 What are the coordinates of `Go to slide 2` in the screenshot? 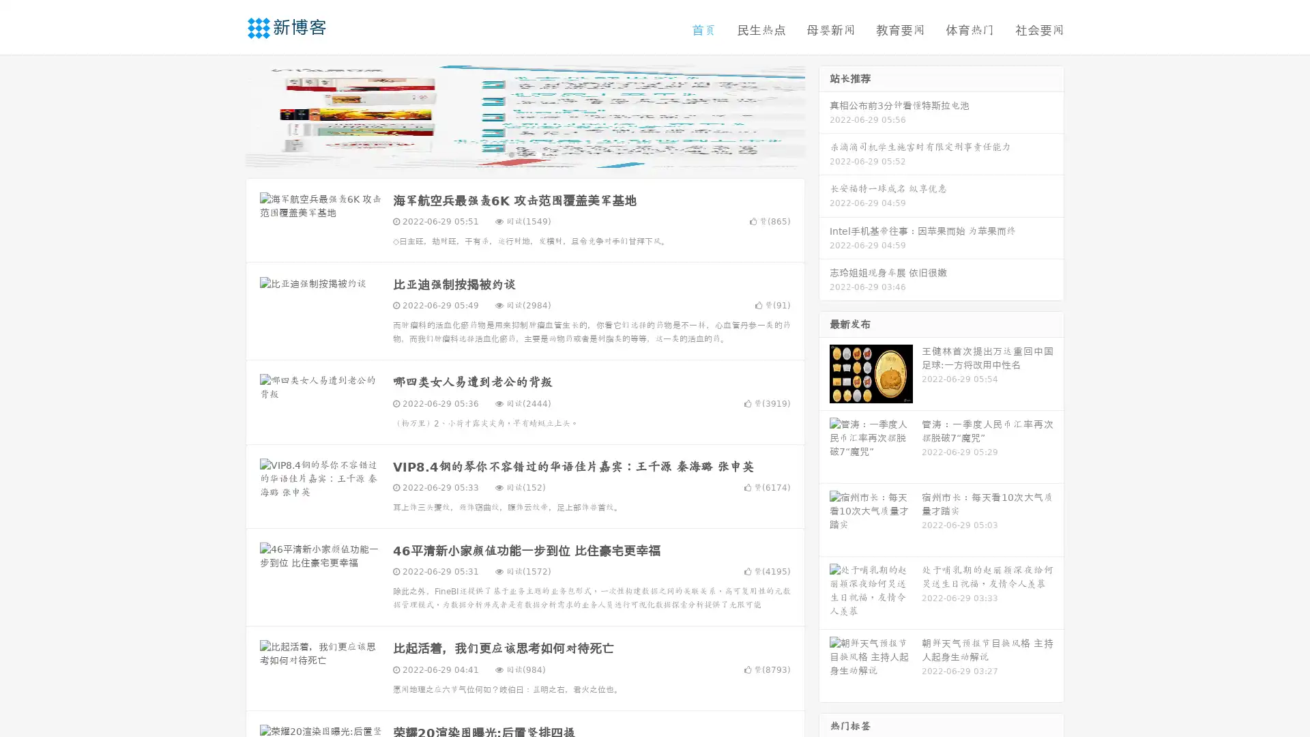 It's located at (524, 154).